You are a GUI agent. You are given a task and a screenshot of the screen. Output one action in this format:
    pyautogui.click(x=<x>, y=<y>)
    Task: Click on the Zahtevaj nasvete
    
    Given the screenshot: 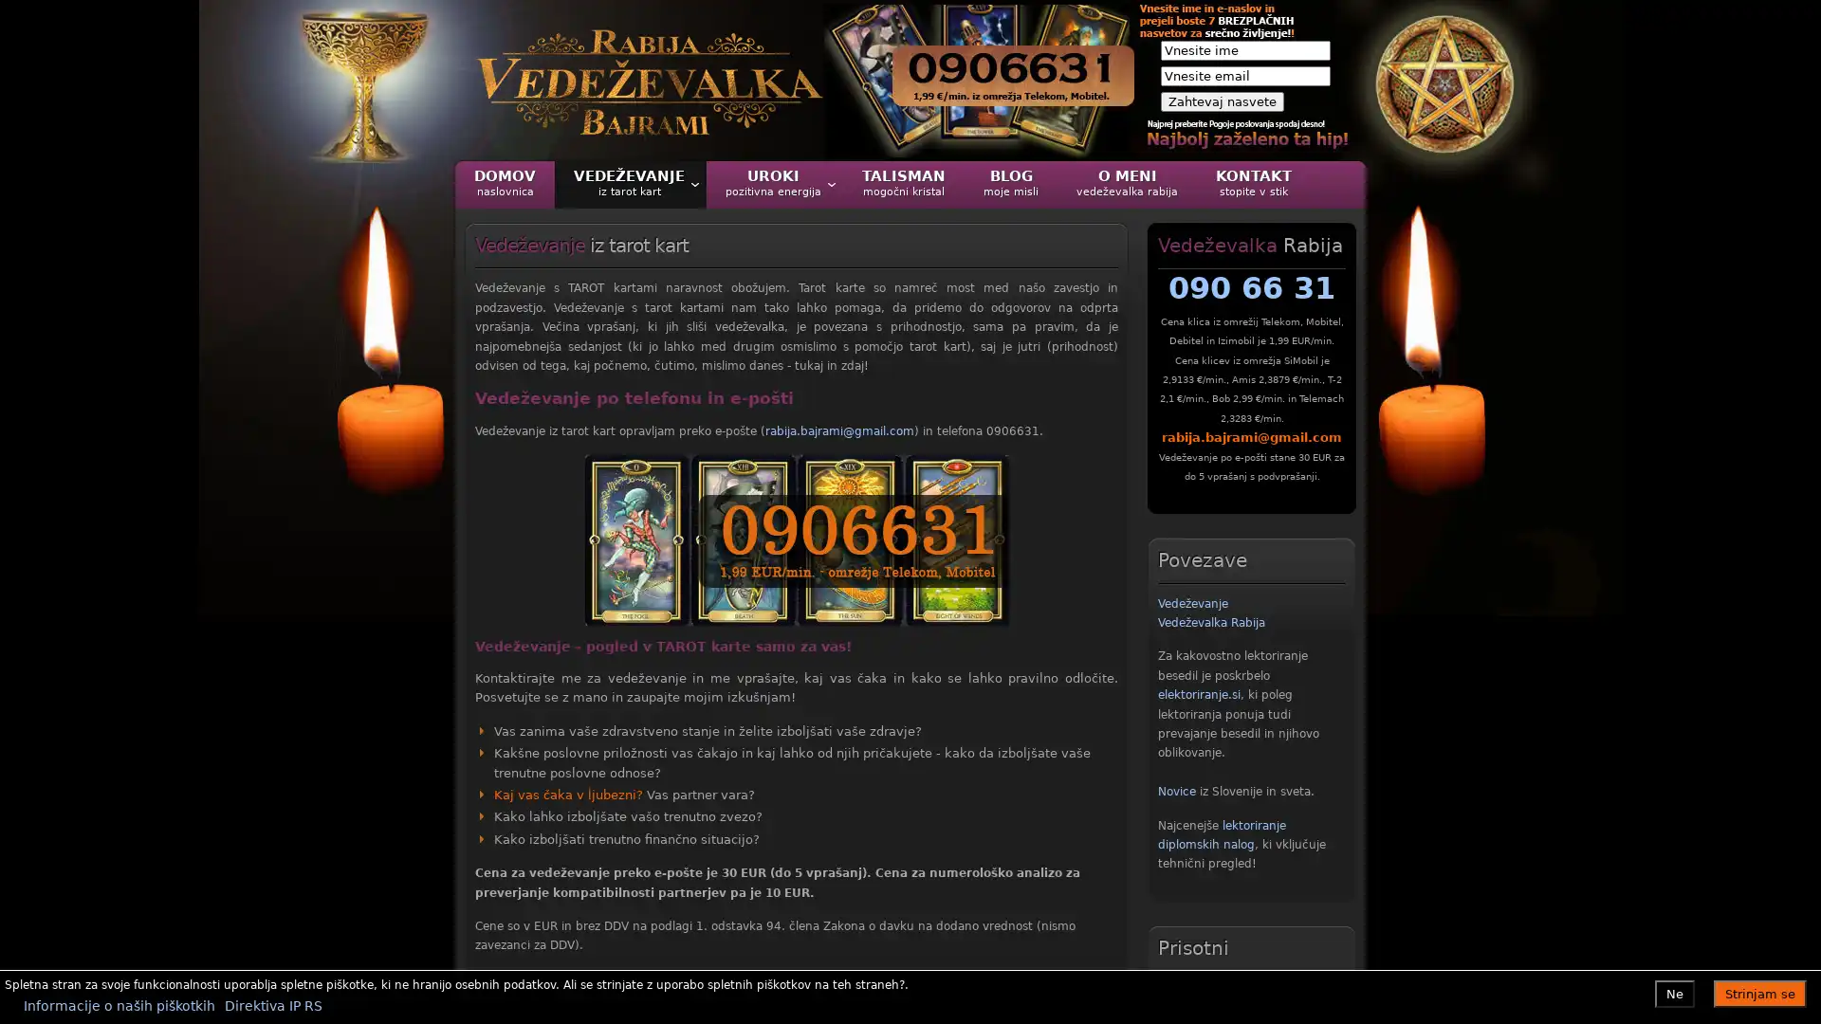 What is the action you would take?
    pyautogui.click(x=1223, y=101)
    